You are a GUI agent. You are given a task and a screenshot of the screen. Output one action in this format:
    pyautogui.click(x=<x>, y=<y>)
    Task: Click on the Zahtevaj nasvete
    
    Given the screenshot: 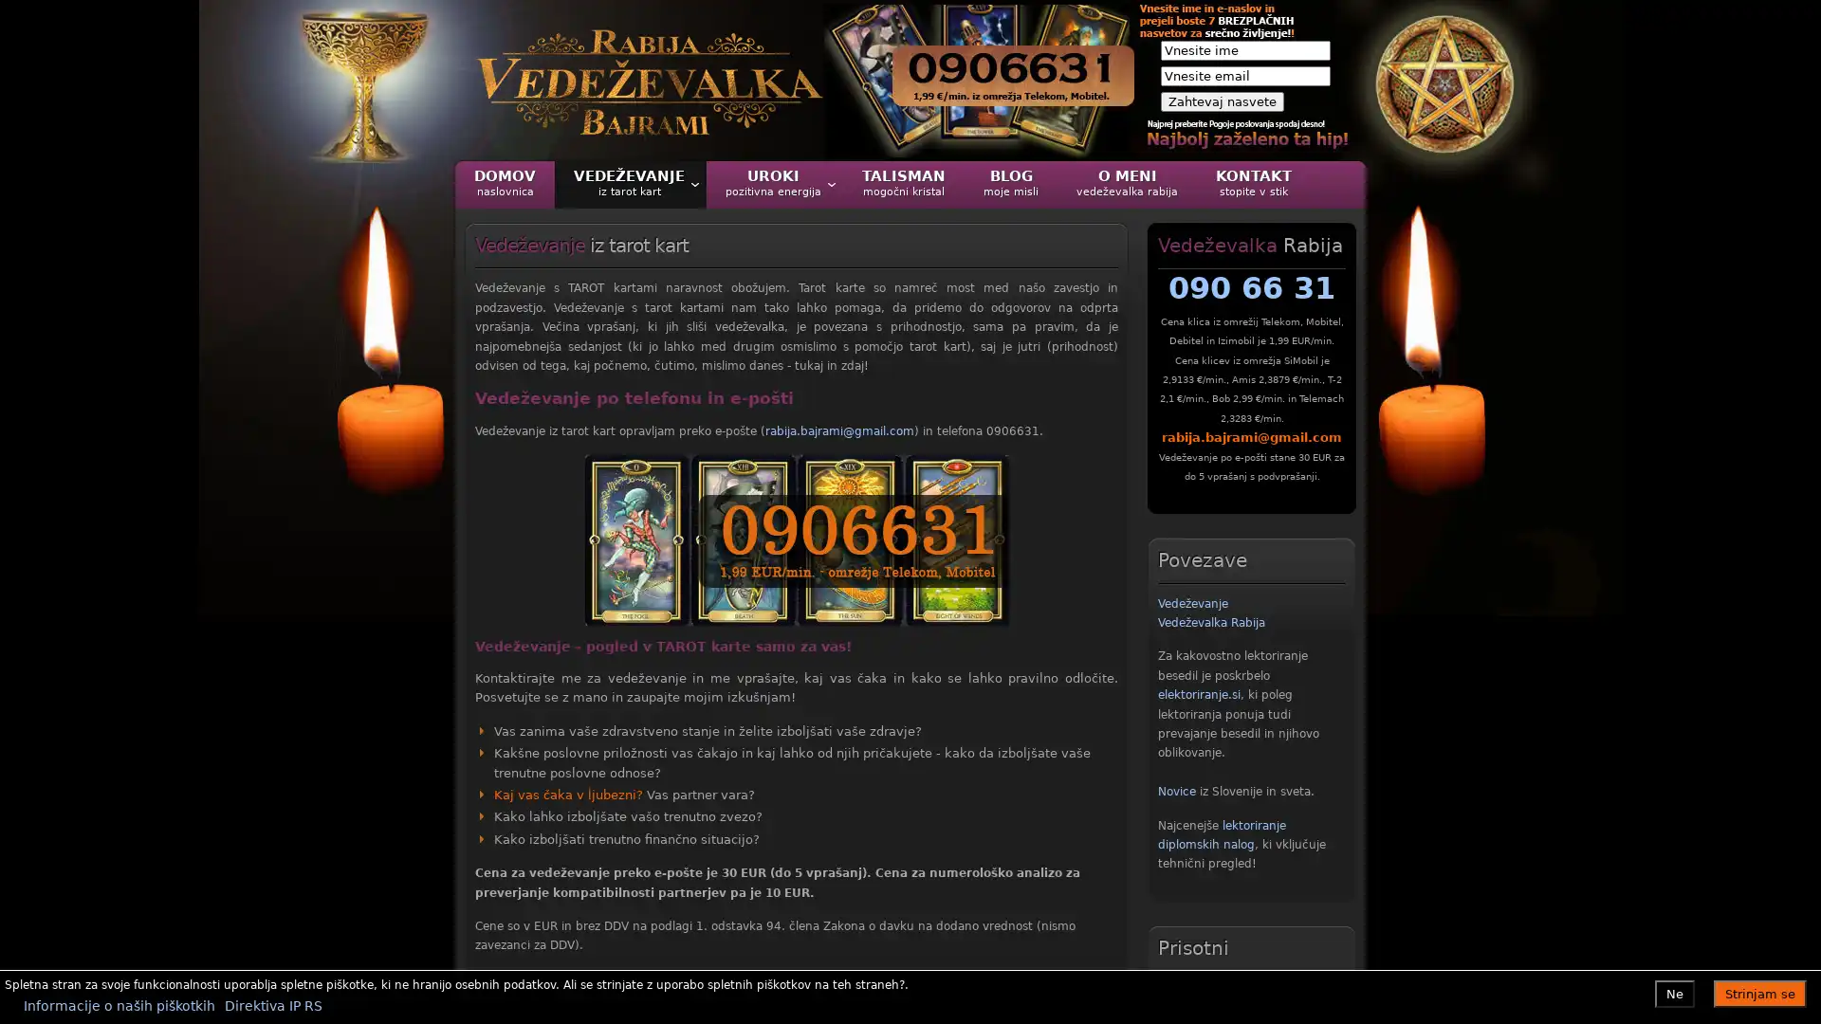 What is the action you would take?
    pyautogui.click(x=1223, y=101)
    